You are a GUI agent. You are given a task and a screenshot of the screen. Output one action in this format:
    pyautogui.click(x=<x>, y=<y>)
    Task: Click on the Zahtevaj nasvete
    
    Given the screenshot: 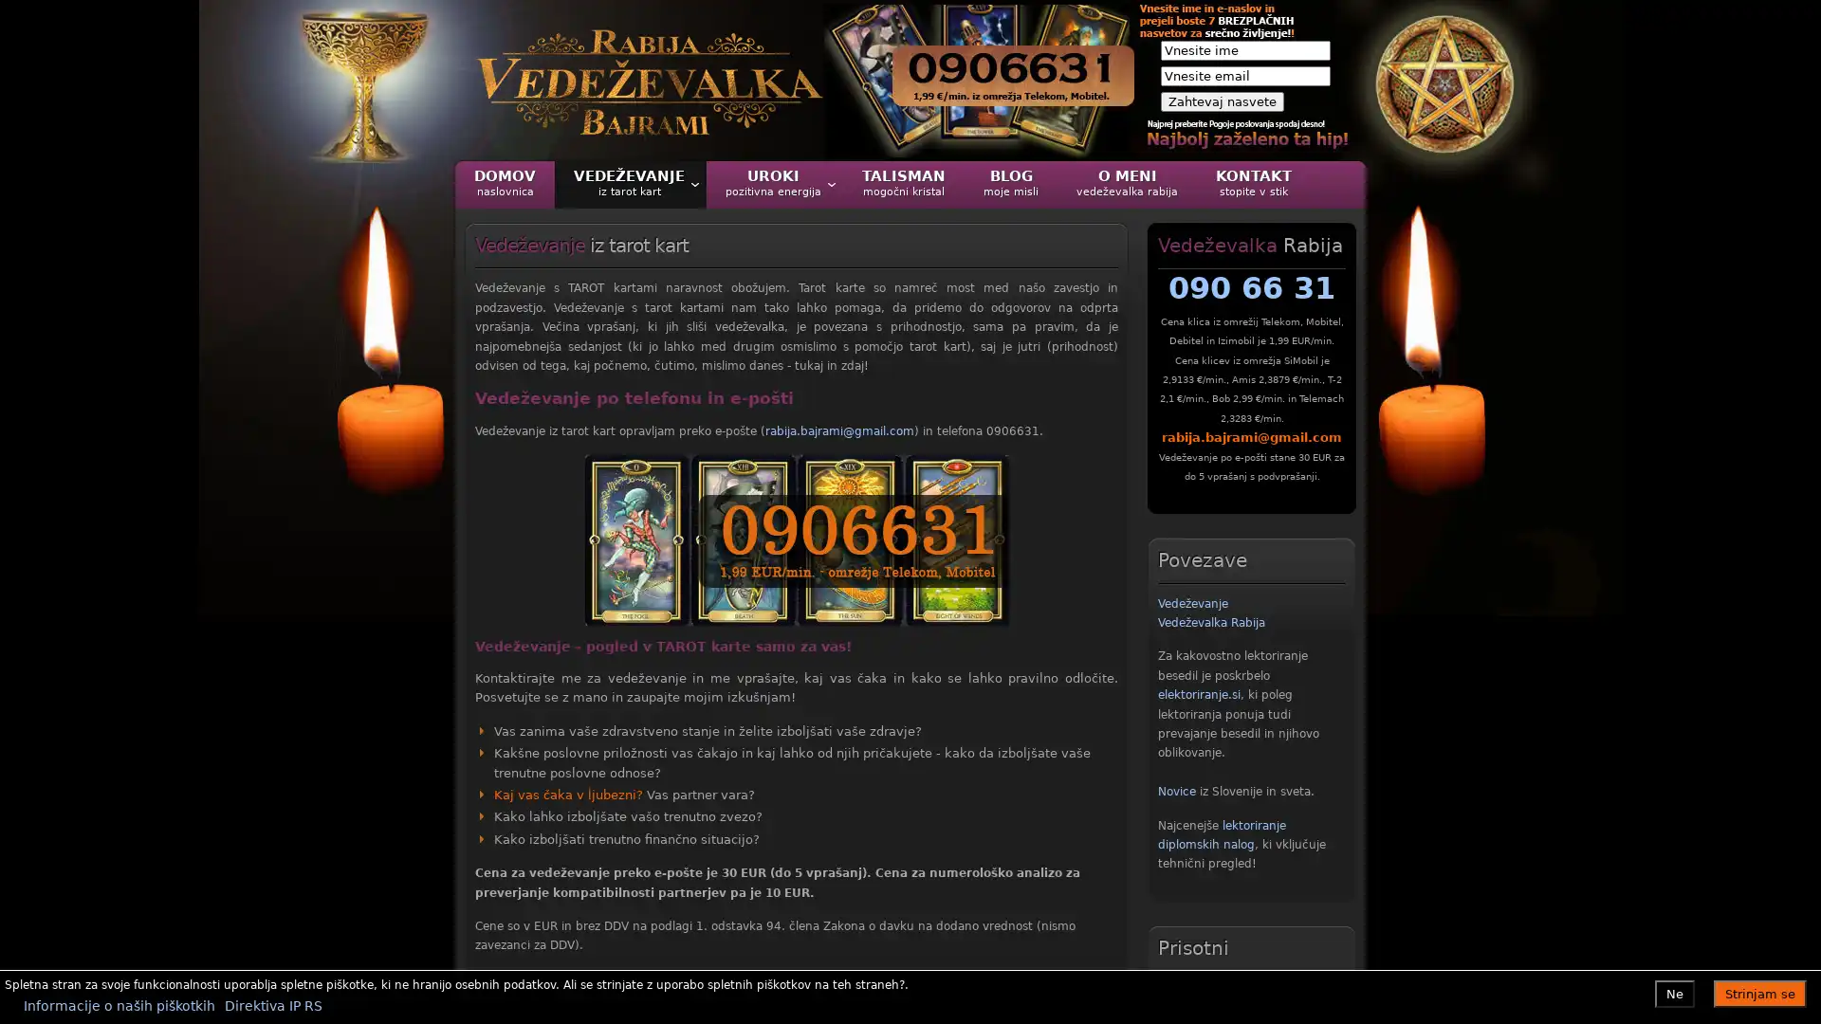 What is the action you would take?
    pyautogui.click(x=1223, y=101)
    